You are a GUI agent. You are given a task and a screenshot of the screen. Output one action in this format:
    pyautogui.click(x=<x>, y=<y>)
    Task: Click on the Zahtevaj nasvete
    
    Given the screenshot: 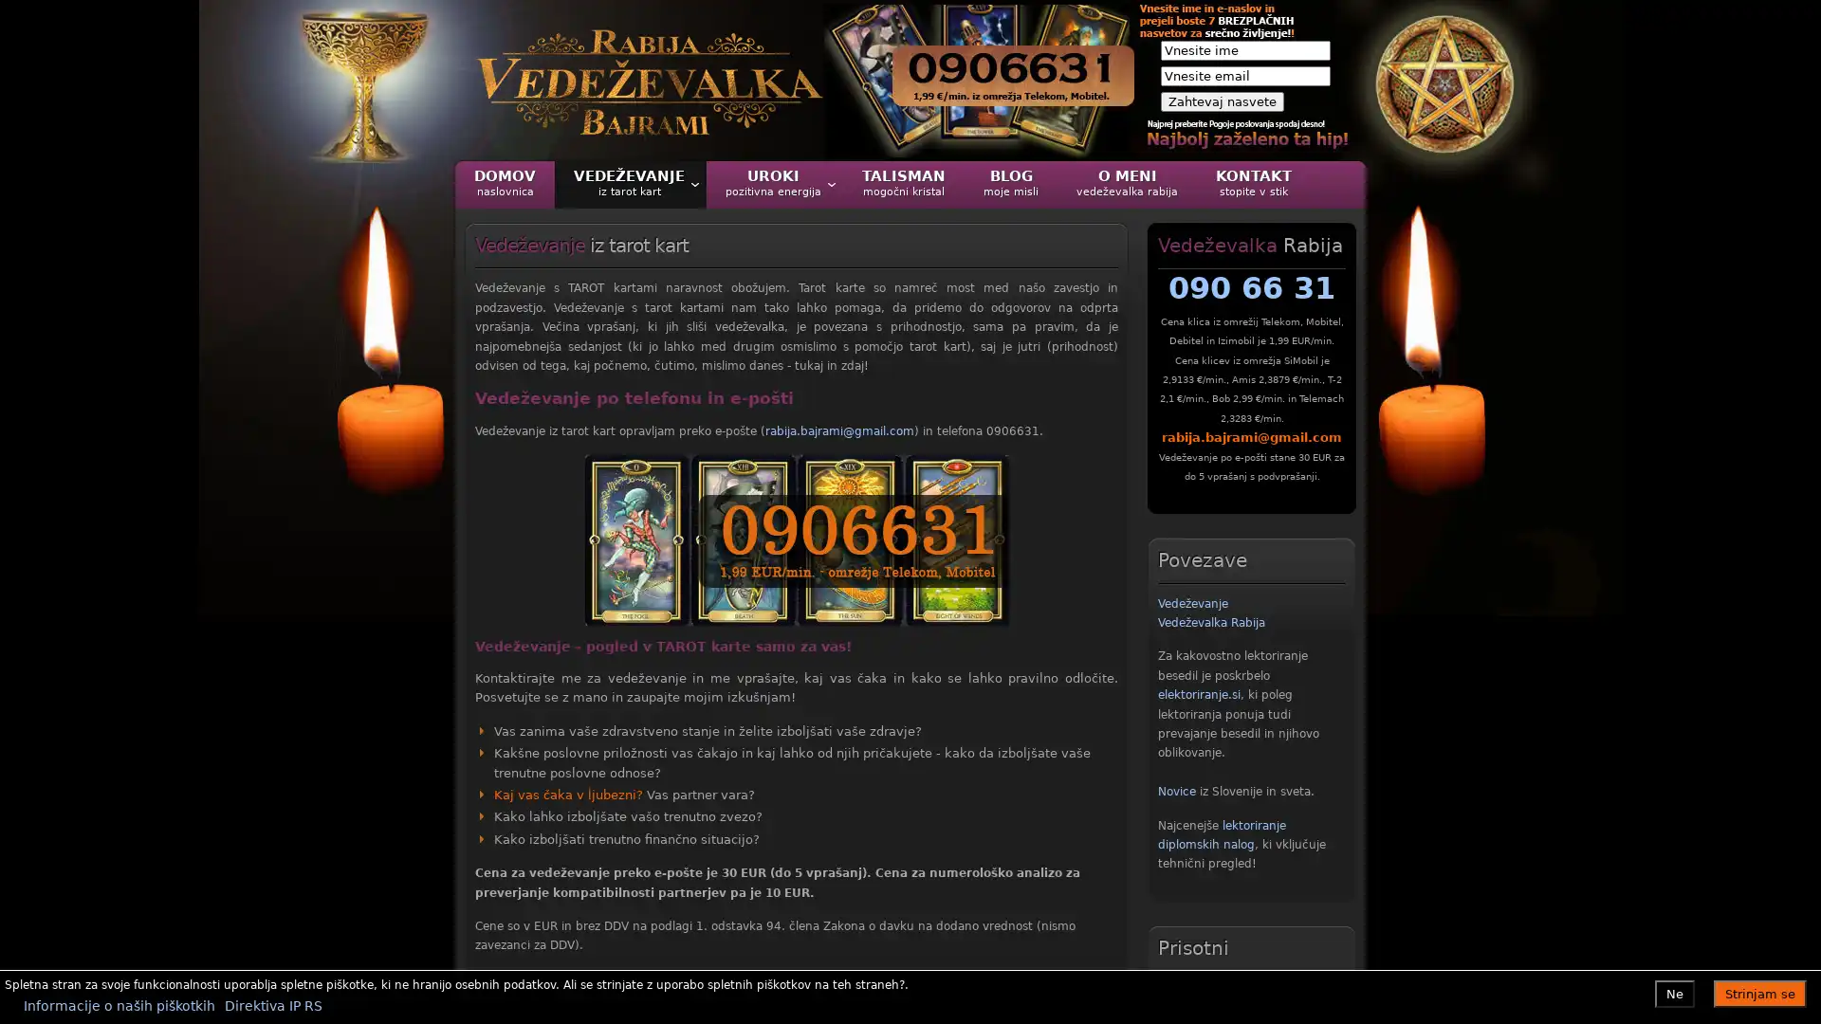 What is the action you would take?
    pyautogui.click(x=1223, y=101)
    